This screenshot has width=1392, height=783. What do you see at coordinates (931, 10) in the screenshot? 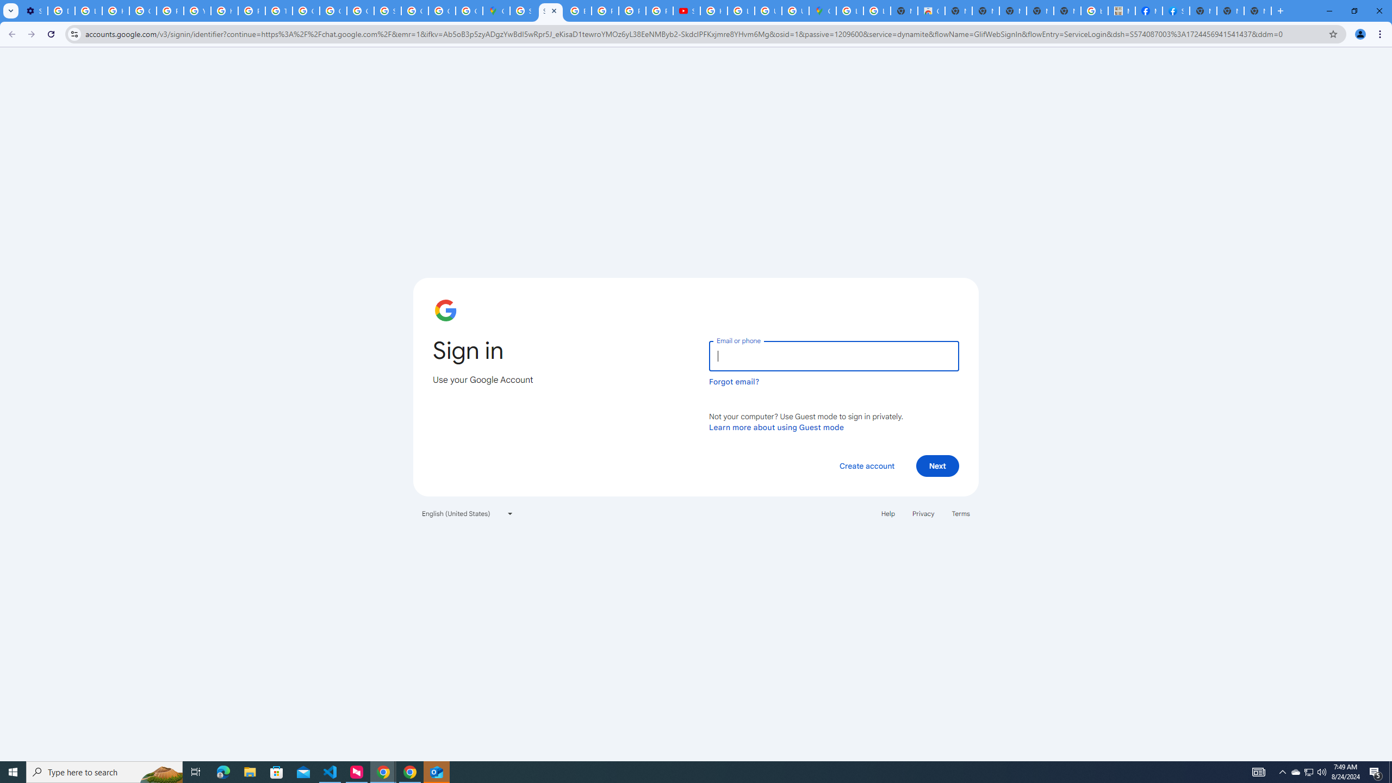
I see `'Chrome Web Store'` at bounding box center [931, 10].